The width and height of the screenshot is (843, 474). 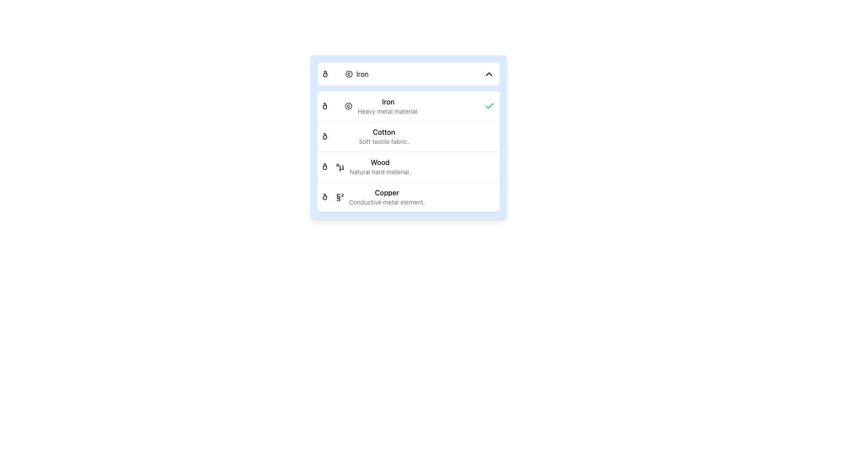 What do you see at coordinates (488, 74) in the screenshot?
I see `the upward-pointing chevron icon located at the far right of the dropdown component labeled 'Iron'` at bounding box center [488, 74].